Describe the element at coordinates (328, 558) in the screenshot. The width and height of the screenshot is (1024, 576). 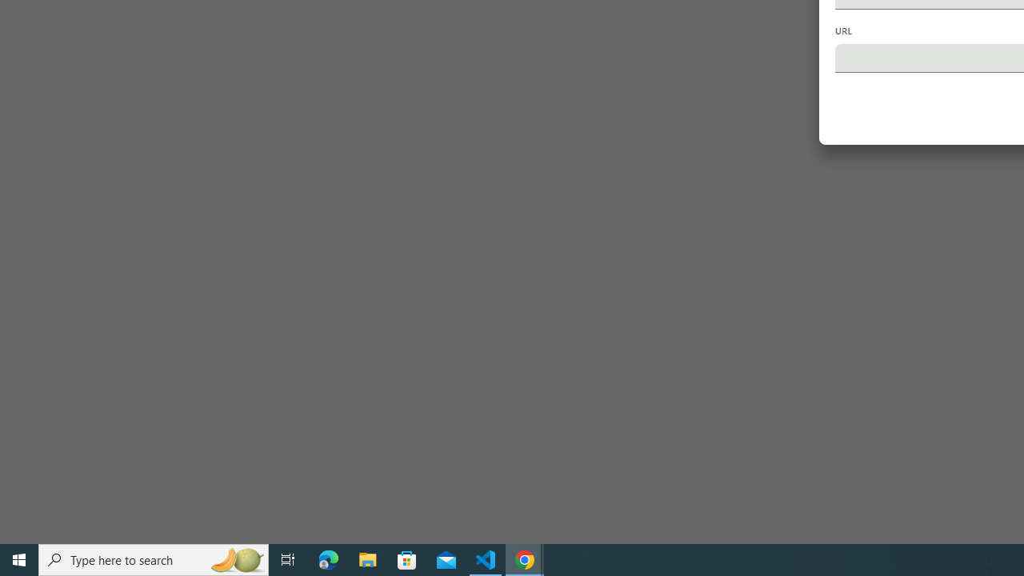
I see `'Microsoft Edge'` at that location.